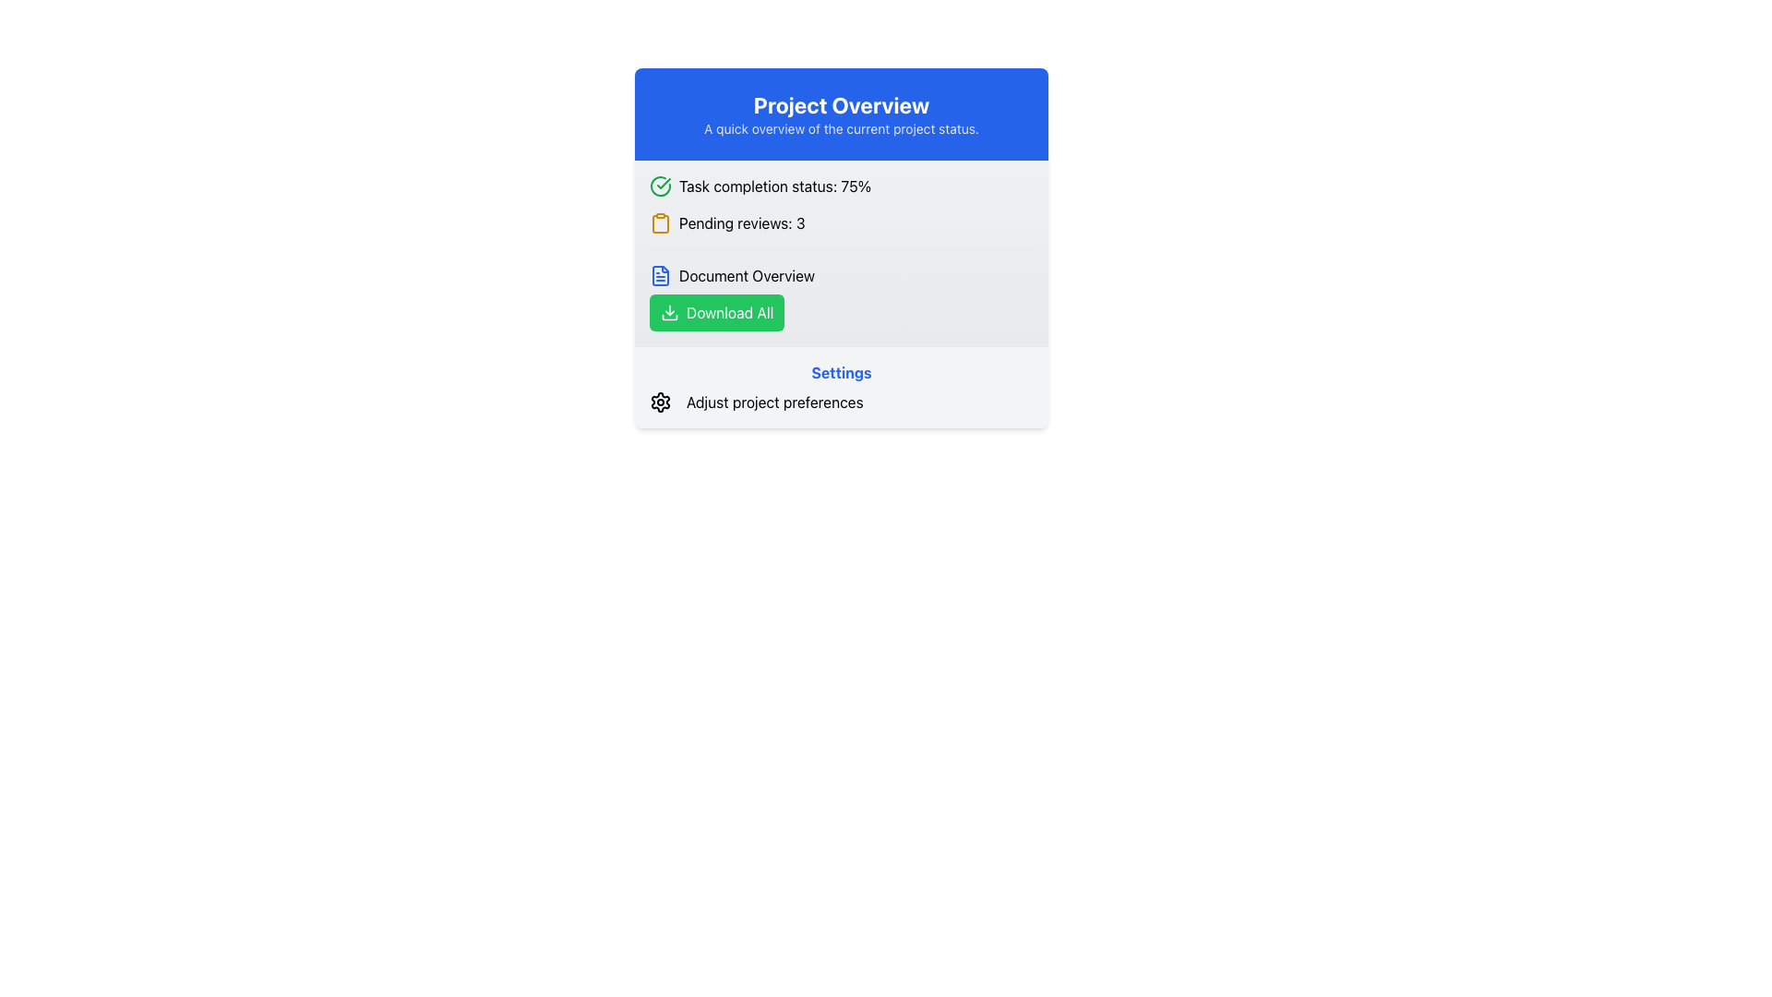 This screenshot has width=1772, height=997. What do you see at coordinates (660, 276) in the screenshot?
I see `the blue outlined document icon located in the 'Project Overview' section, to the left of the 'Document Overview' text` at bounding box center [660, 276].